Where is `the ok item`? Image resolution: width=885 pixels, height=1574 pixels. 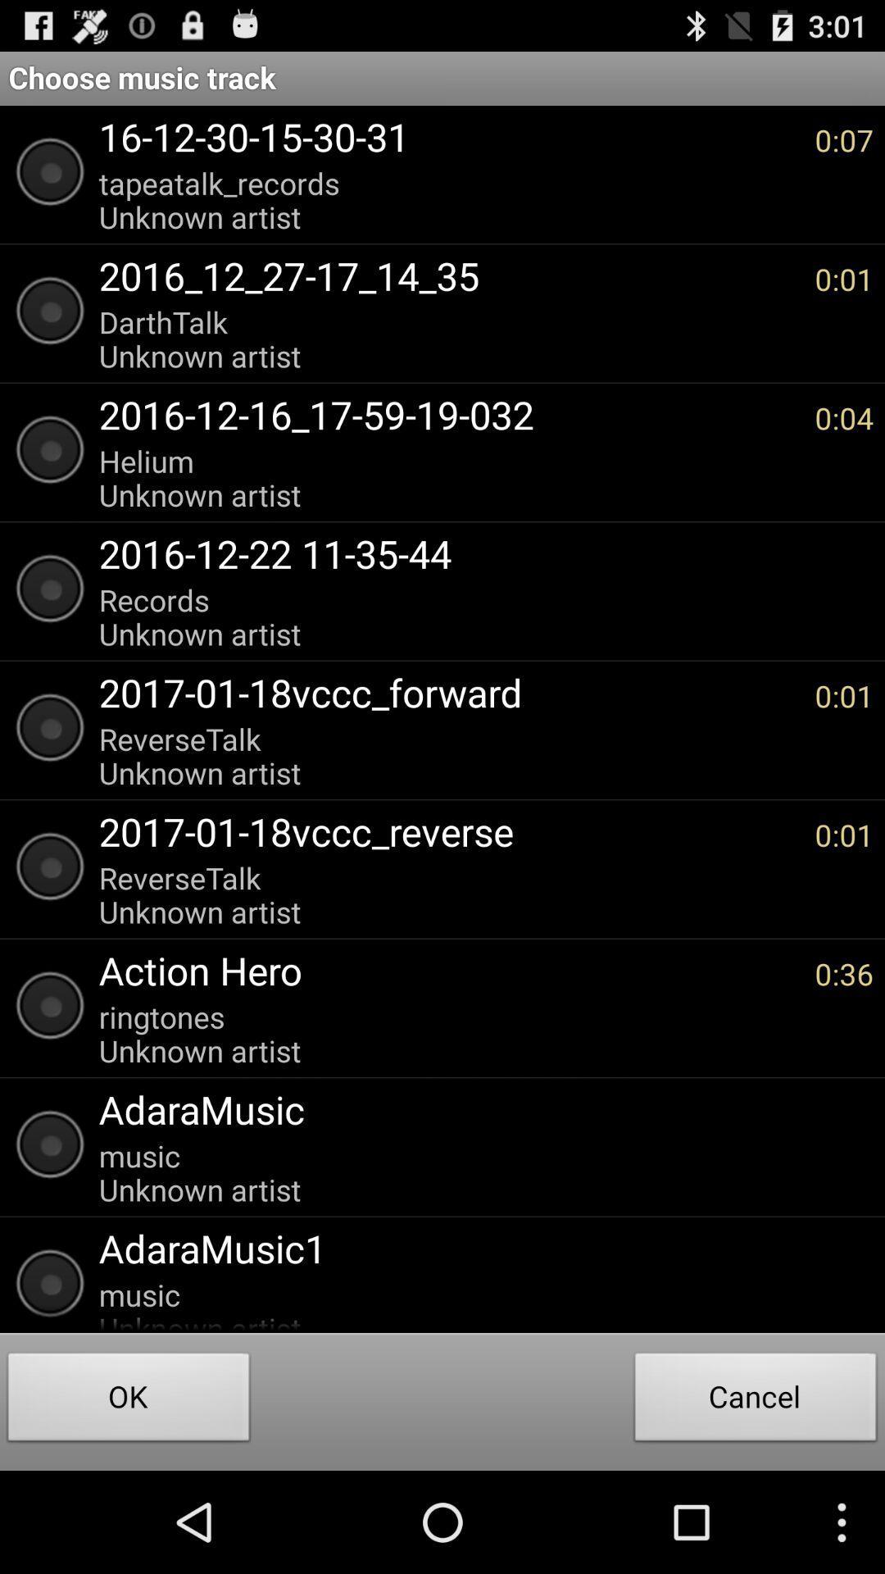 the ok item is located at coordinates (128, 1400).